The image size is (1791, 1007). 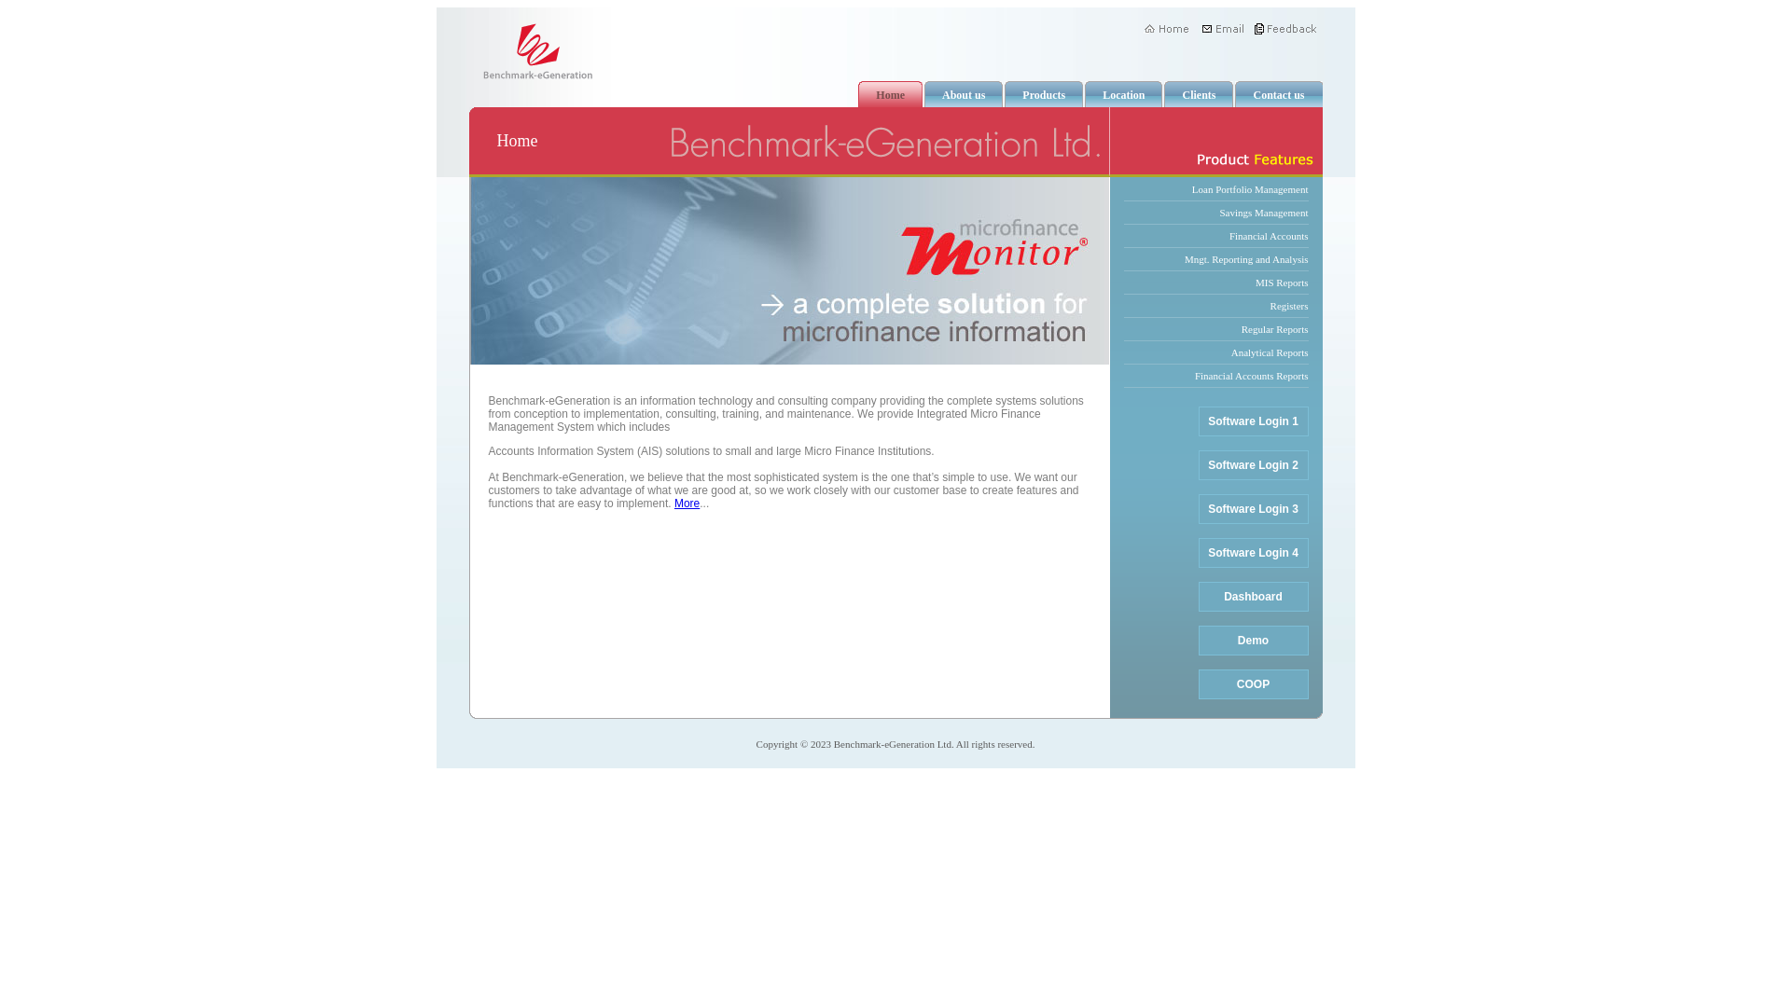 I want to click on 'Registers', so click(x=1122, y=305).